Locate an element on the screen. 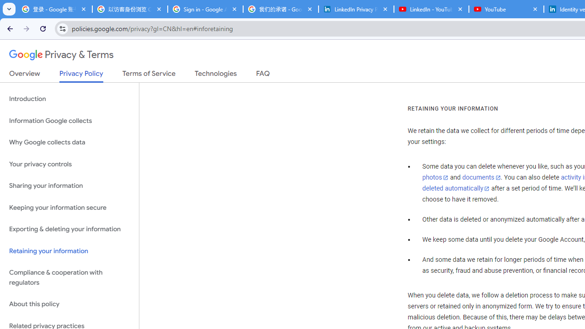  'Exporting & deleting your information' is located at coordinates (69, 229).